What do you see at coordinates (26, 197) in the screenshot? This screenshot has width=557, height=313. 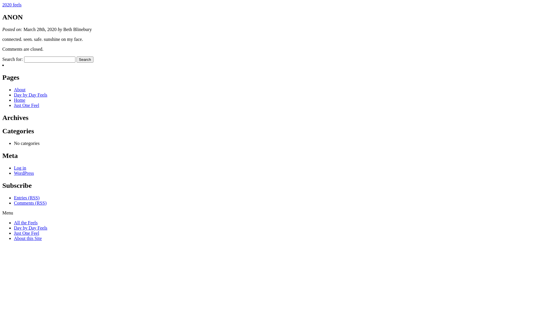 I see `'Entries (RSS)'` at bounding box center [26, 197].